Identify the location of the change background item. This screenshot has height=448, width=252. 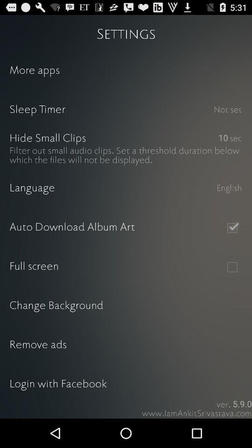
(126, 306).